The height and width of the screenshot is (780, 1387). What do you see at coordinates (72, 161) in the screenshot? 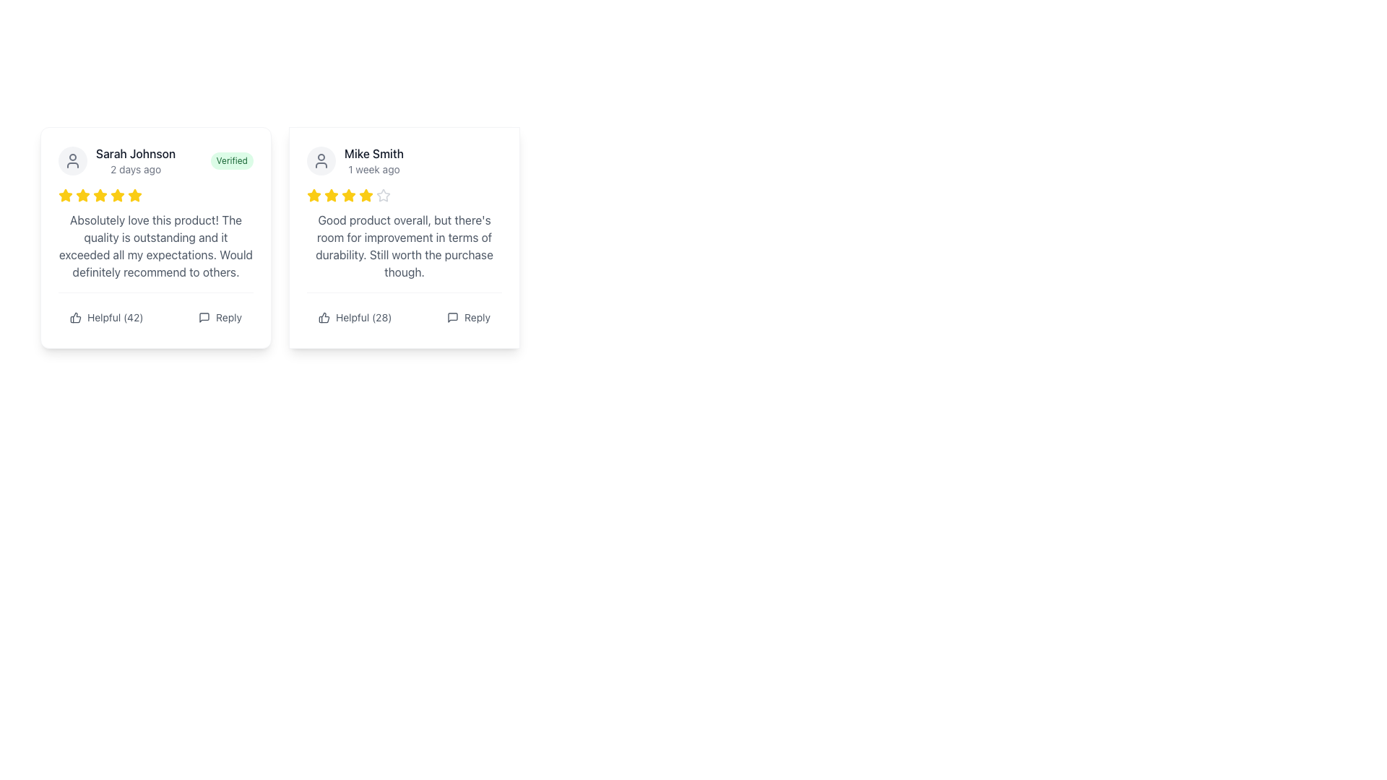
I see `the circular user profile icon with a gray background located at the upper-left of the card interface` at bounding box center [72, 161].